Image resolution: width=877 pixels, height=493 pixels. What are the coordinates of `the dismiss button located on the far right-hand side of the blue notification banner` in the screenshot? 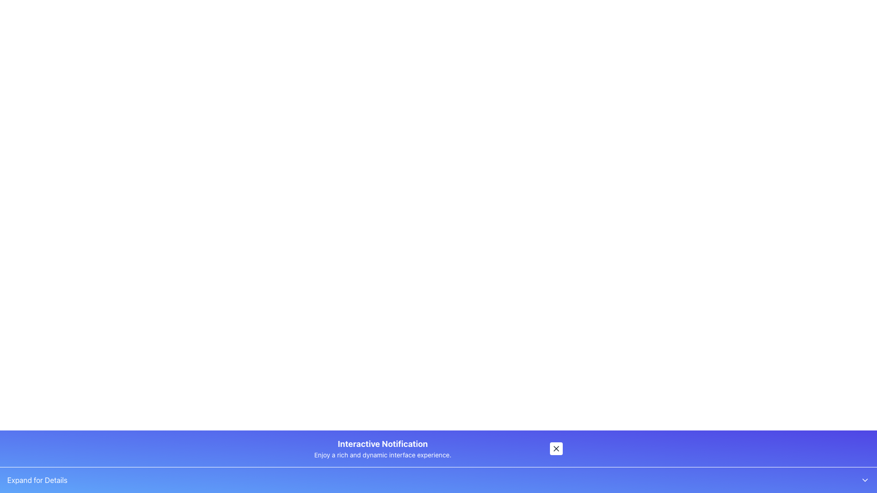 It's located at (556, 448).